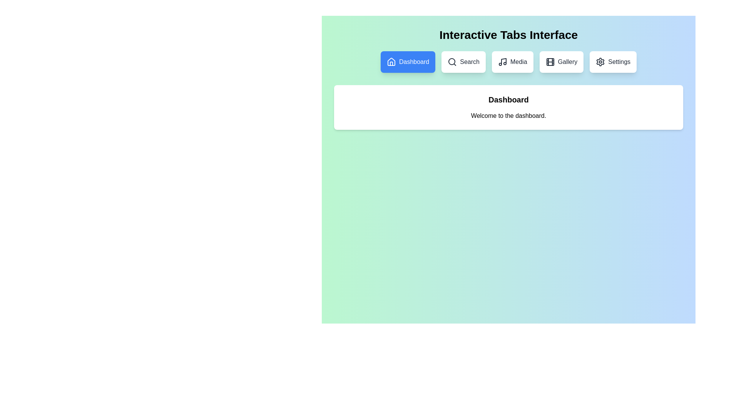 This screenshot has width=739, height=416. I want to click on the search button located between the 'Dashboard' and 'Media' buttons in the Interactive Tabs Interface, so click(463, 62).